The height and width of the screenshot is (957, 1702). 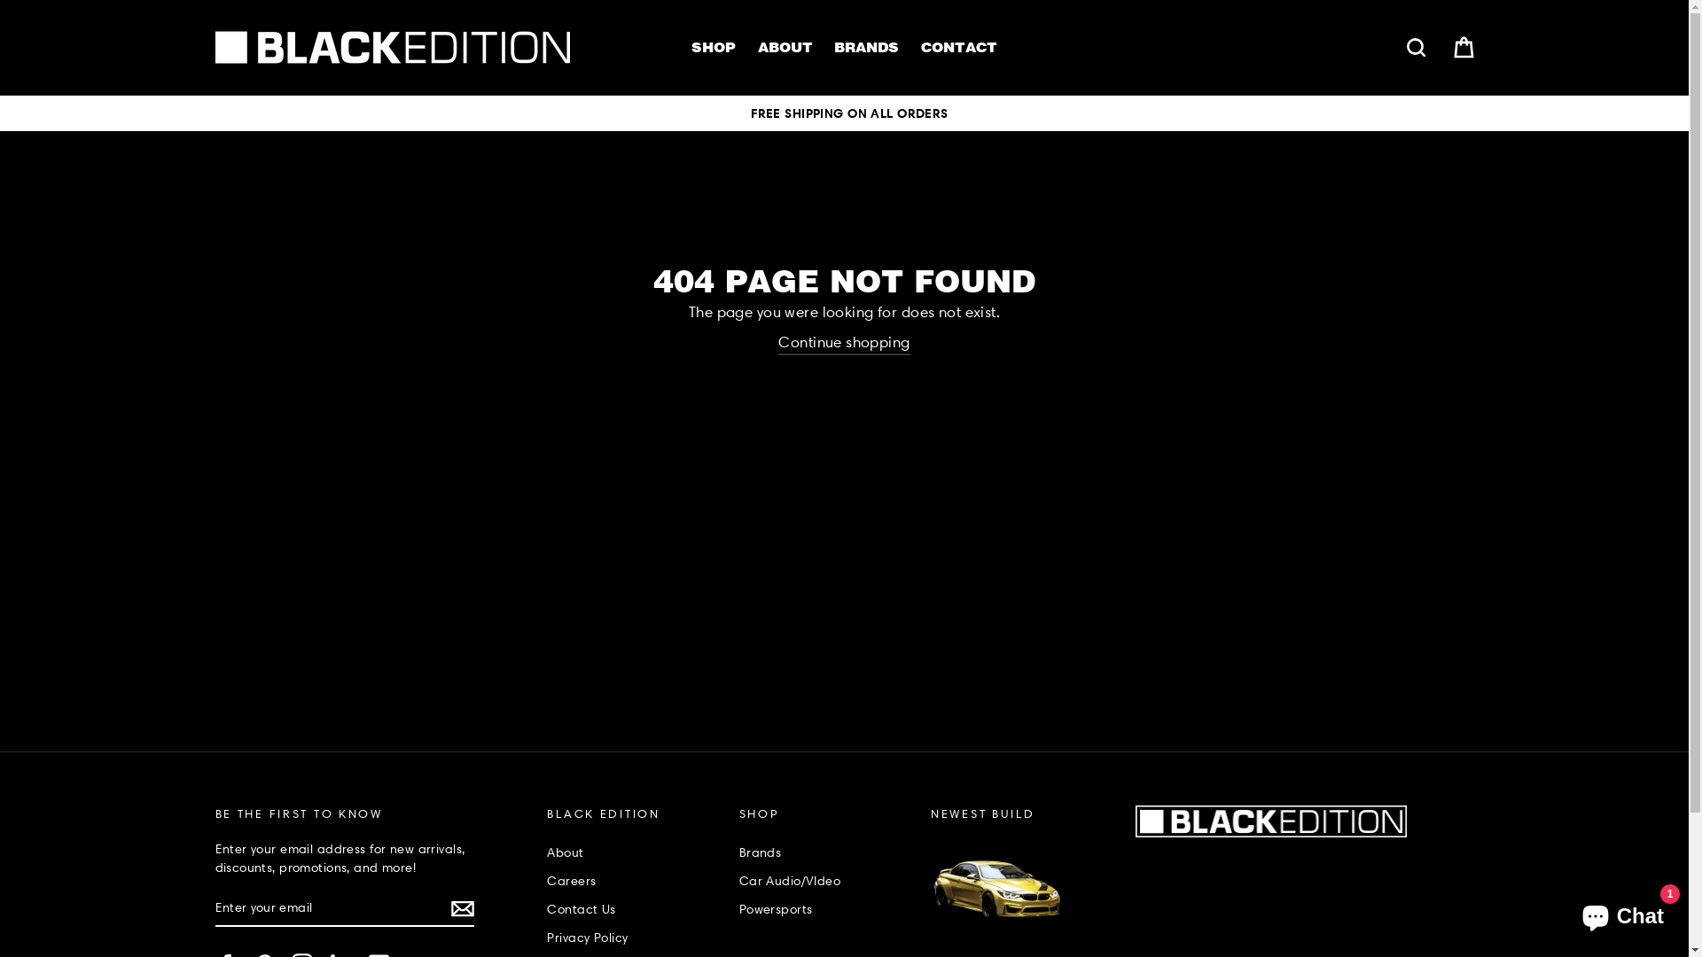 I want to click on 'Brands', so click(x=824, y=851).